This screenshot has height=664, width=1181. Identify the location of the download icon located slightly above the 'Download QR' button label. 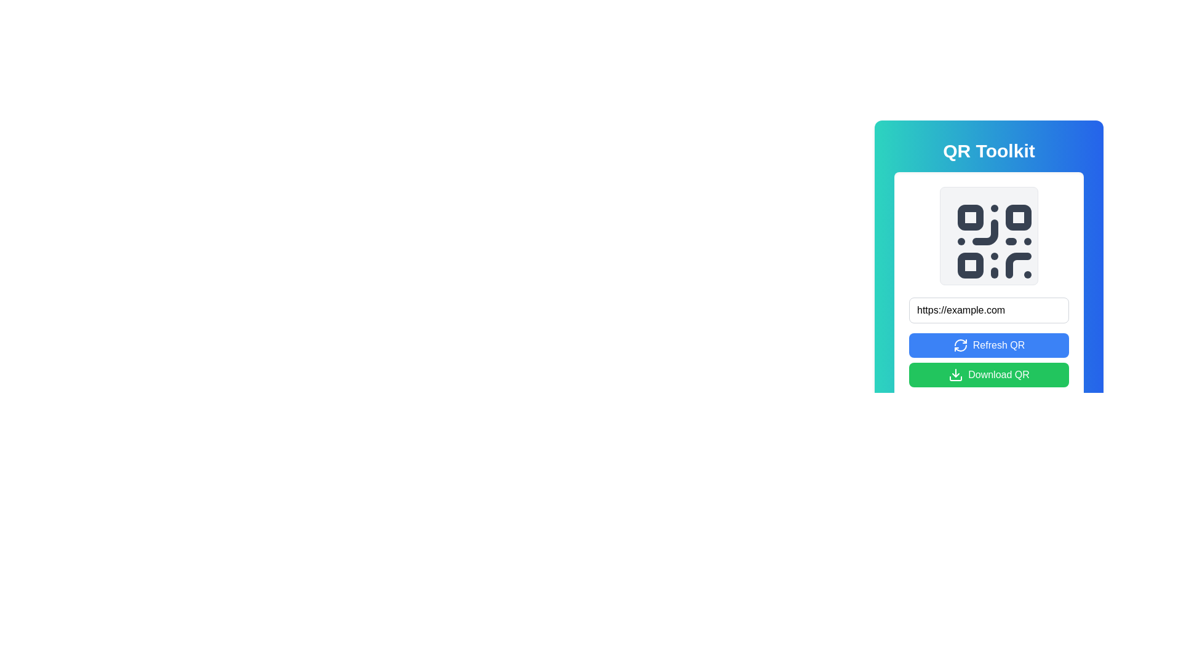
(955, 378).